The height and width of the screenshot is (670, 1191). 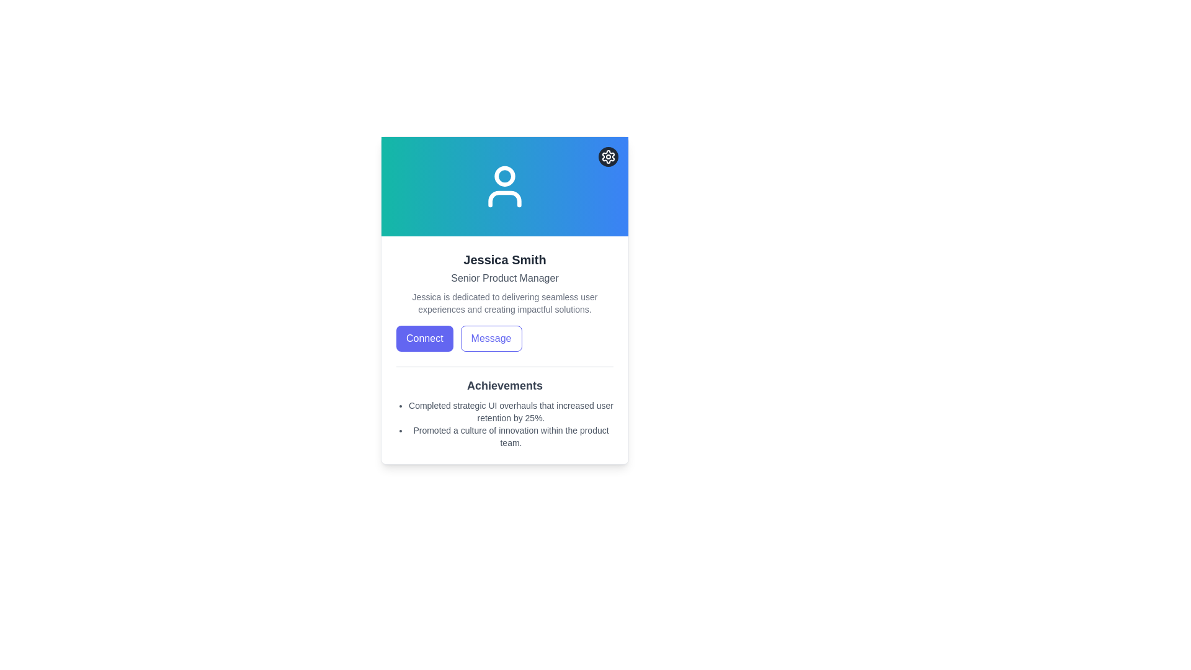 What do you see at coordinates (505, 277) in the screenshot?
I see `the text element that indicates the role or designation of the individual 'Jessica Smith', which is positioned directly beneath the header and above a smaller descriptive paragraph` at bounding box center [505, 277].